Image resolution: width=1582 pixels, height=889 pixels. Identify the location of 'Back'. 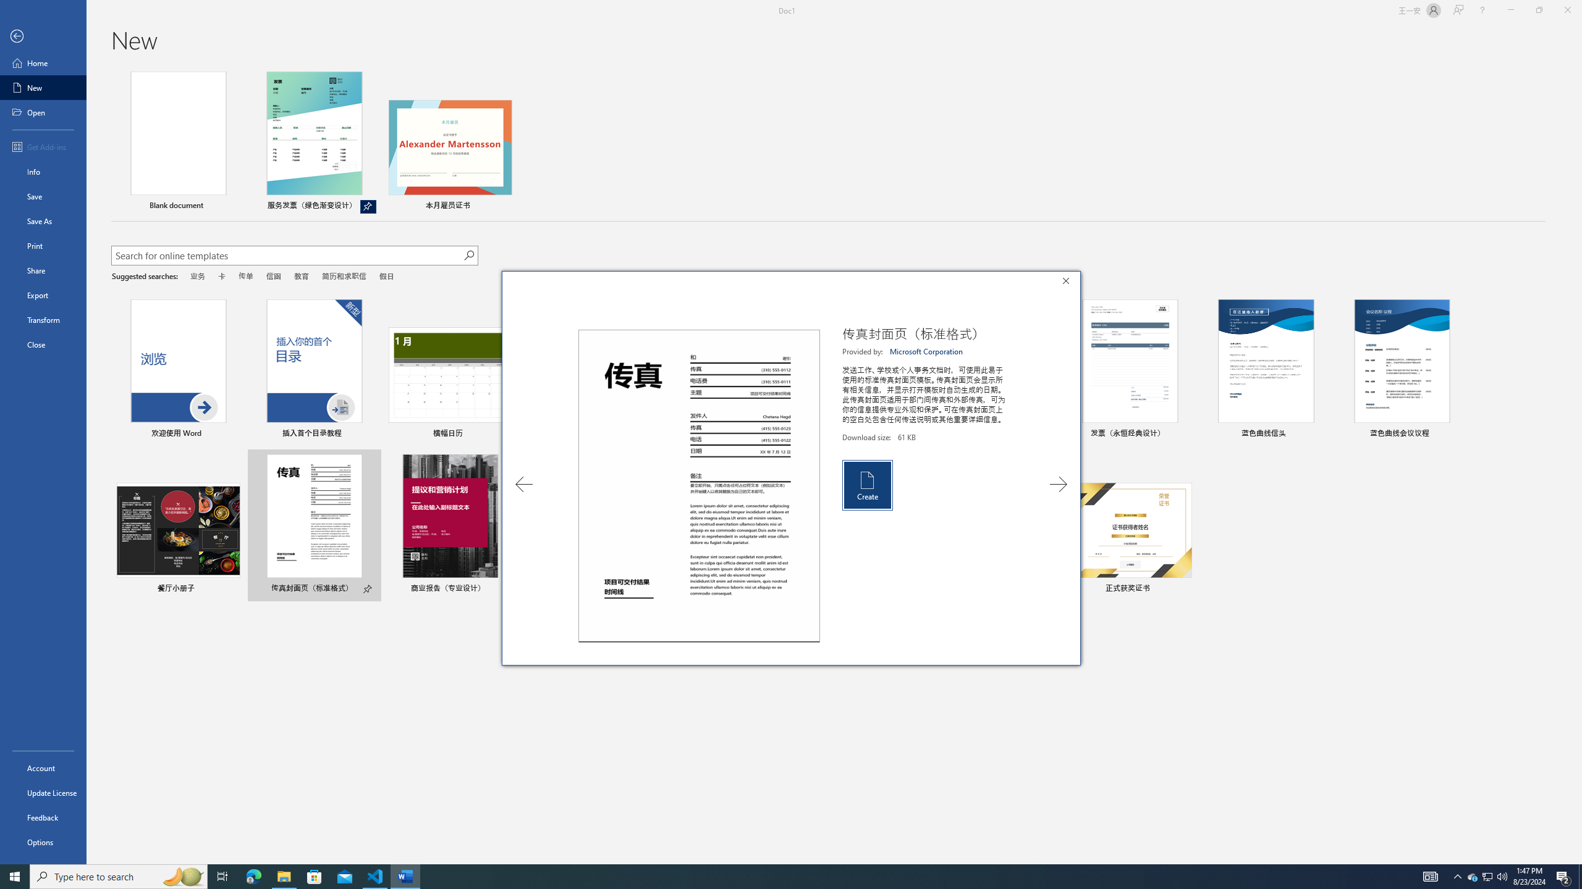
(43, 36).